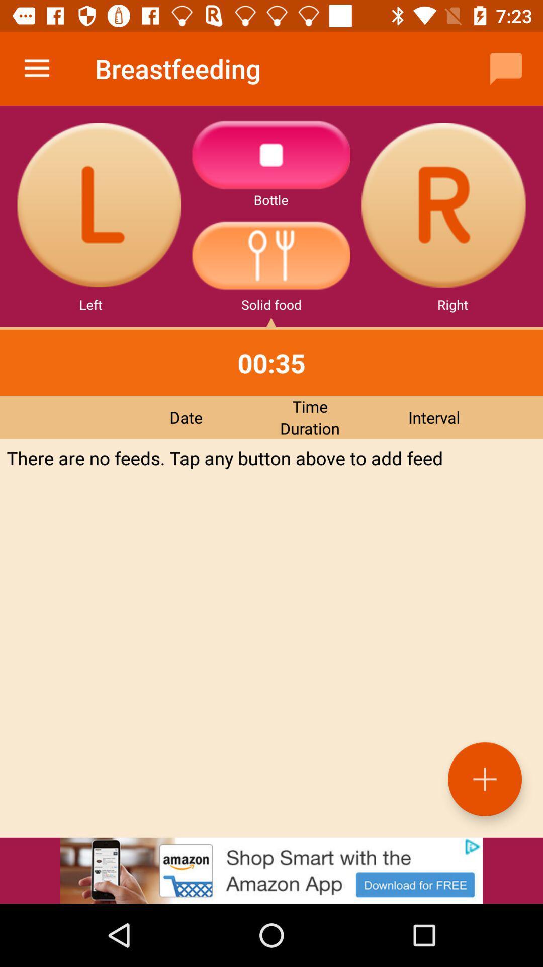 Image resolution: width=543 pixels, height=967 pixels. Describe the element at coordinates (484, 779) in the screenshot. I see `the add icon` at that location.